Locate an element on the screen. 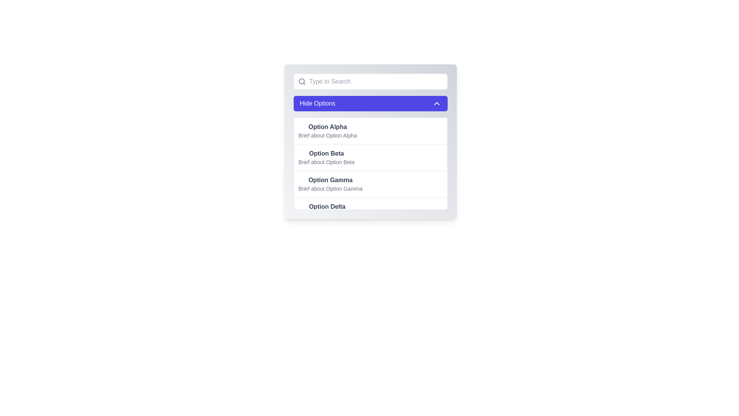 The image size is (739, 416). the selectable dropdown menu item titled 'Option Delta' is located at coordinates (370, 210).